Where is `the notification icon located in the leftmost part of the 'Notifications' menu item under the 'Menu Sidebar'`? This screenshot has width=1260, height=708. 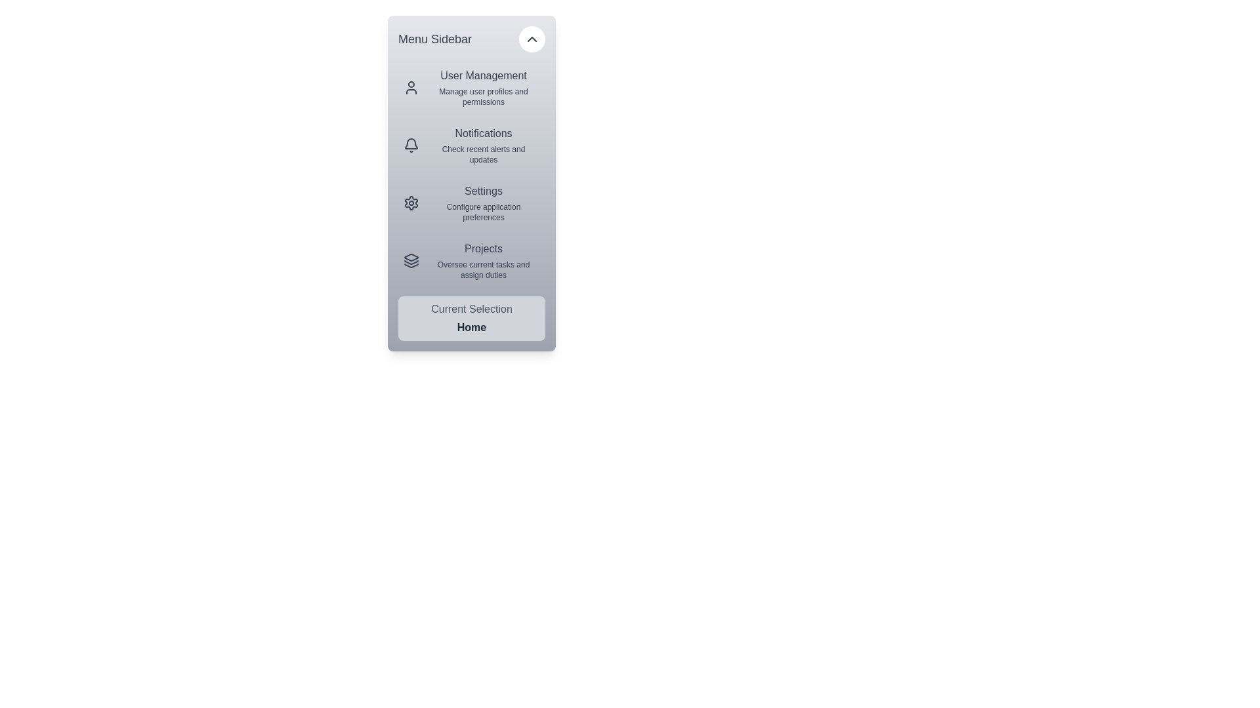 the notification icon located in the leftmost part of the 'Notifications' menu item under the 'Menu Sidebar' is located at coordinates (411, 146).